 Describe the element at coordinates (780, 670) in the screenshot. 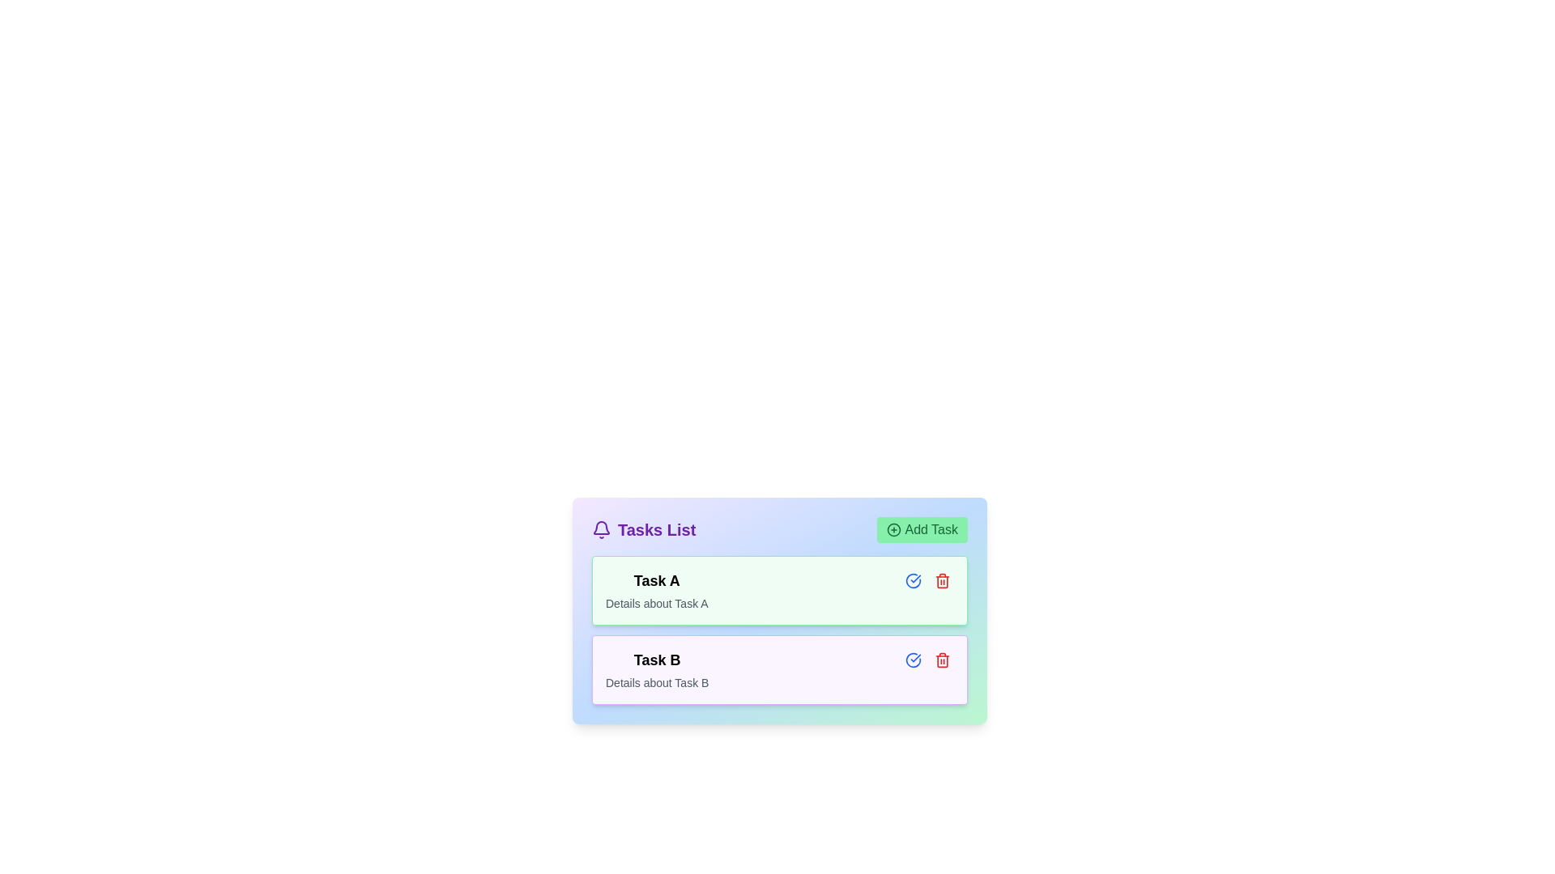

I see `the task card element styled with a light purple background, containing the title 'Task B' and description 'Details about Task B', which is the second item in the vertical task list` at that location.